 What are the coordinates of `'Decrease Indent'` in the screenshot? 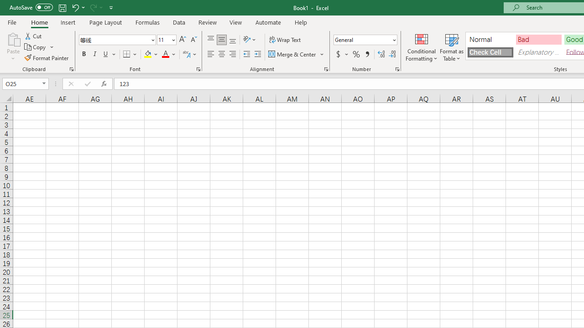 It's located at (246, 54).